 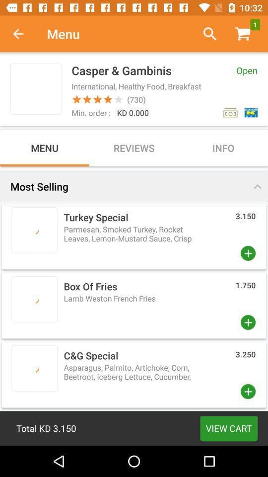 What do you see at coordinates (134, 305) in the screenshot?
I see `box above cg special` at bounding box center [134, 305].